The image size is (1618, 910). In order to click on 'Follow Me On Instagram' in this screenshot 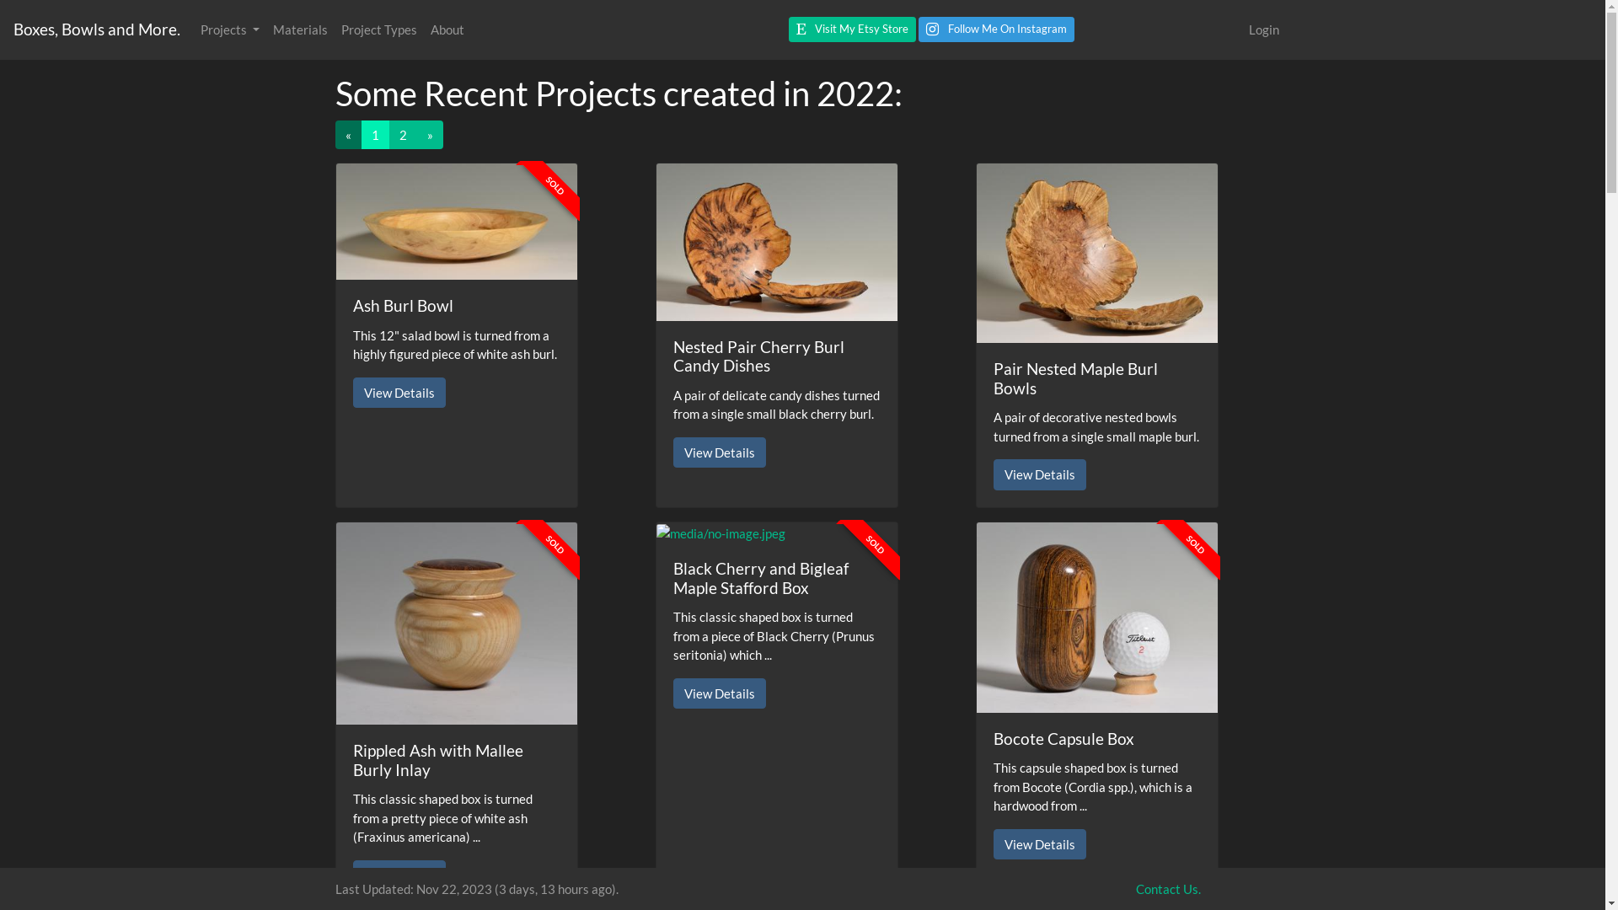, I will do `click(917, 29)`.